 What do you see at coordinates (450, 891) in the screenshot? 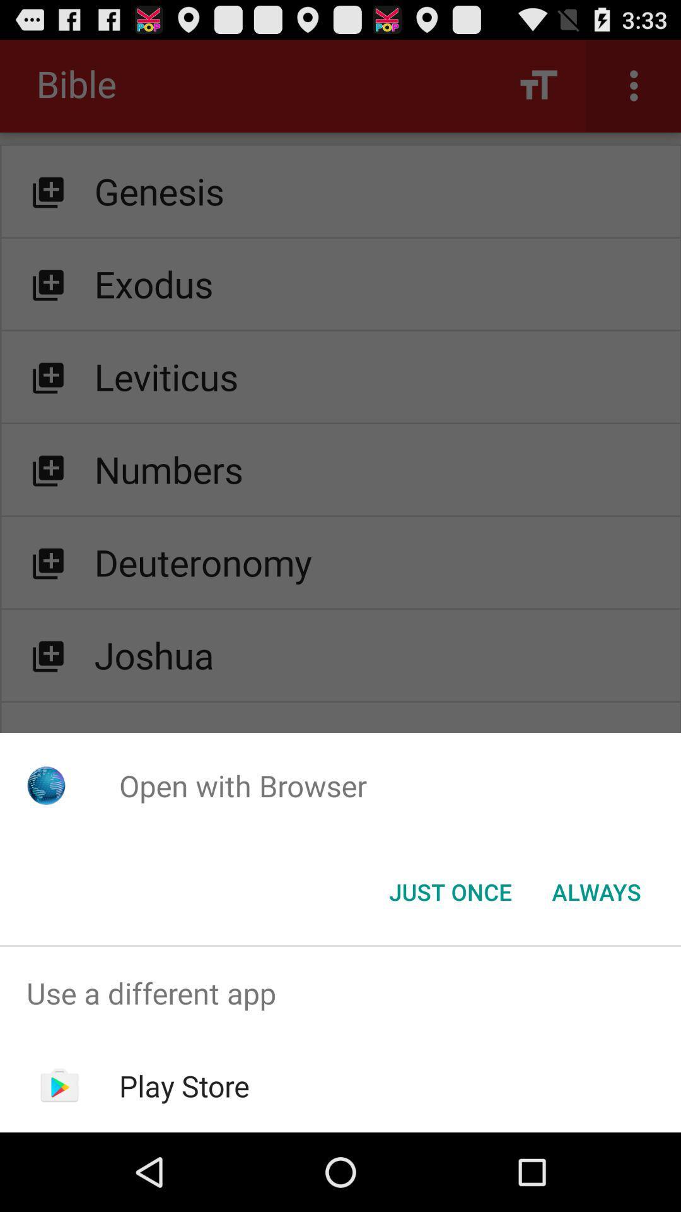
I see `just once item` at bounding box center [450, 891].